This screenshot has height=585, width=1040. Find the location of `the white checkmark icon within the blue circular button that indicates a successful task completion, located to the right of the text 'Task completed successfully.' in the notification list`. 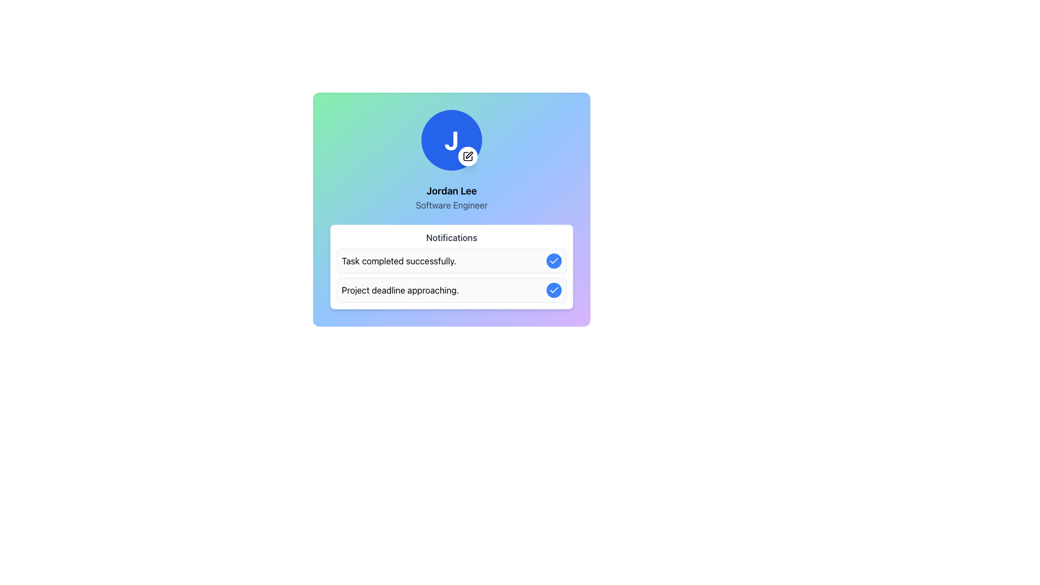

the white checkmark icon within the blue circular button that indicates a successful task completion, located to the right of the text 'Task completed successfully.' in the notification list is located at coordinates (554, 289).